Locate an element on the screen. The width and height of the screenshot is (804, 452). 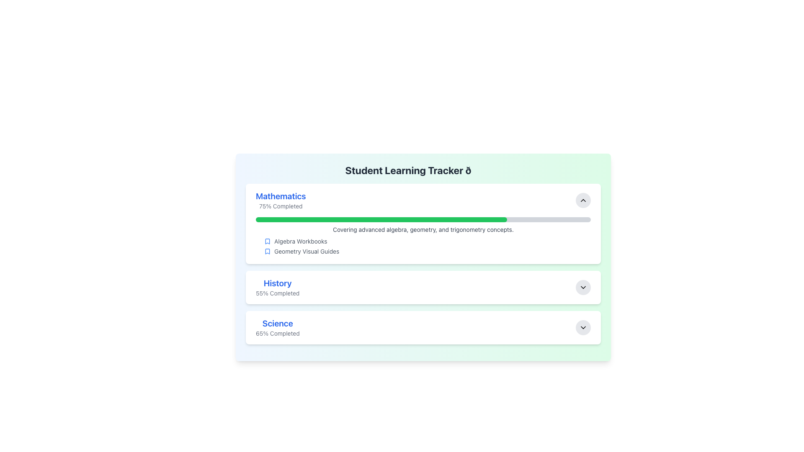
displayed information in the 'Mathematics' informational module, which includes the title, completion percentage, progress bar, and descriptive line is located at coordinates (423, 223).